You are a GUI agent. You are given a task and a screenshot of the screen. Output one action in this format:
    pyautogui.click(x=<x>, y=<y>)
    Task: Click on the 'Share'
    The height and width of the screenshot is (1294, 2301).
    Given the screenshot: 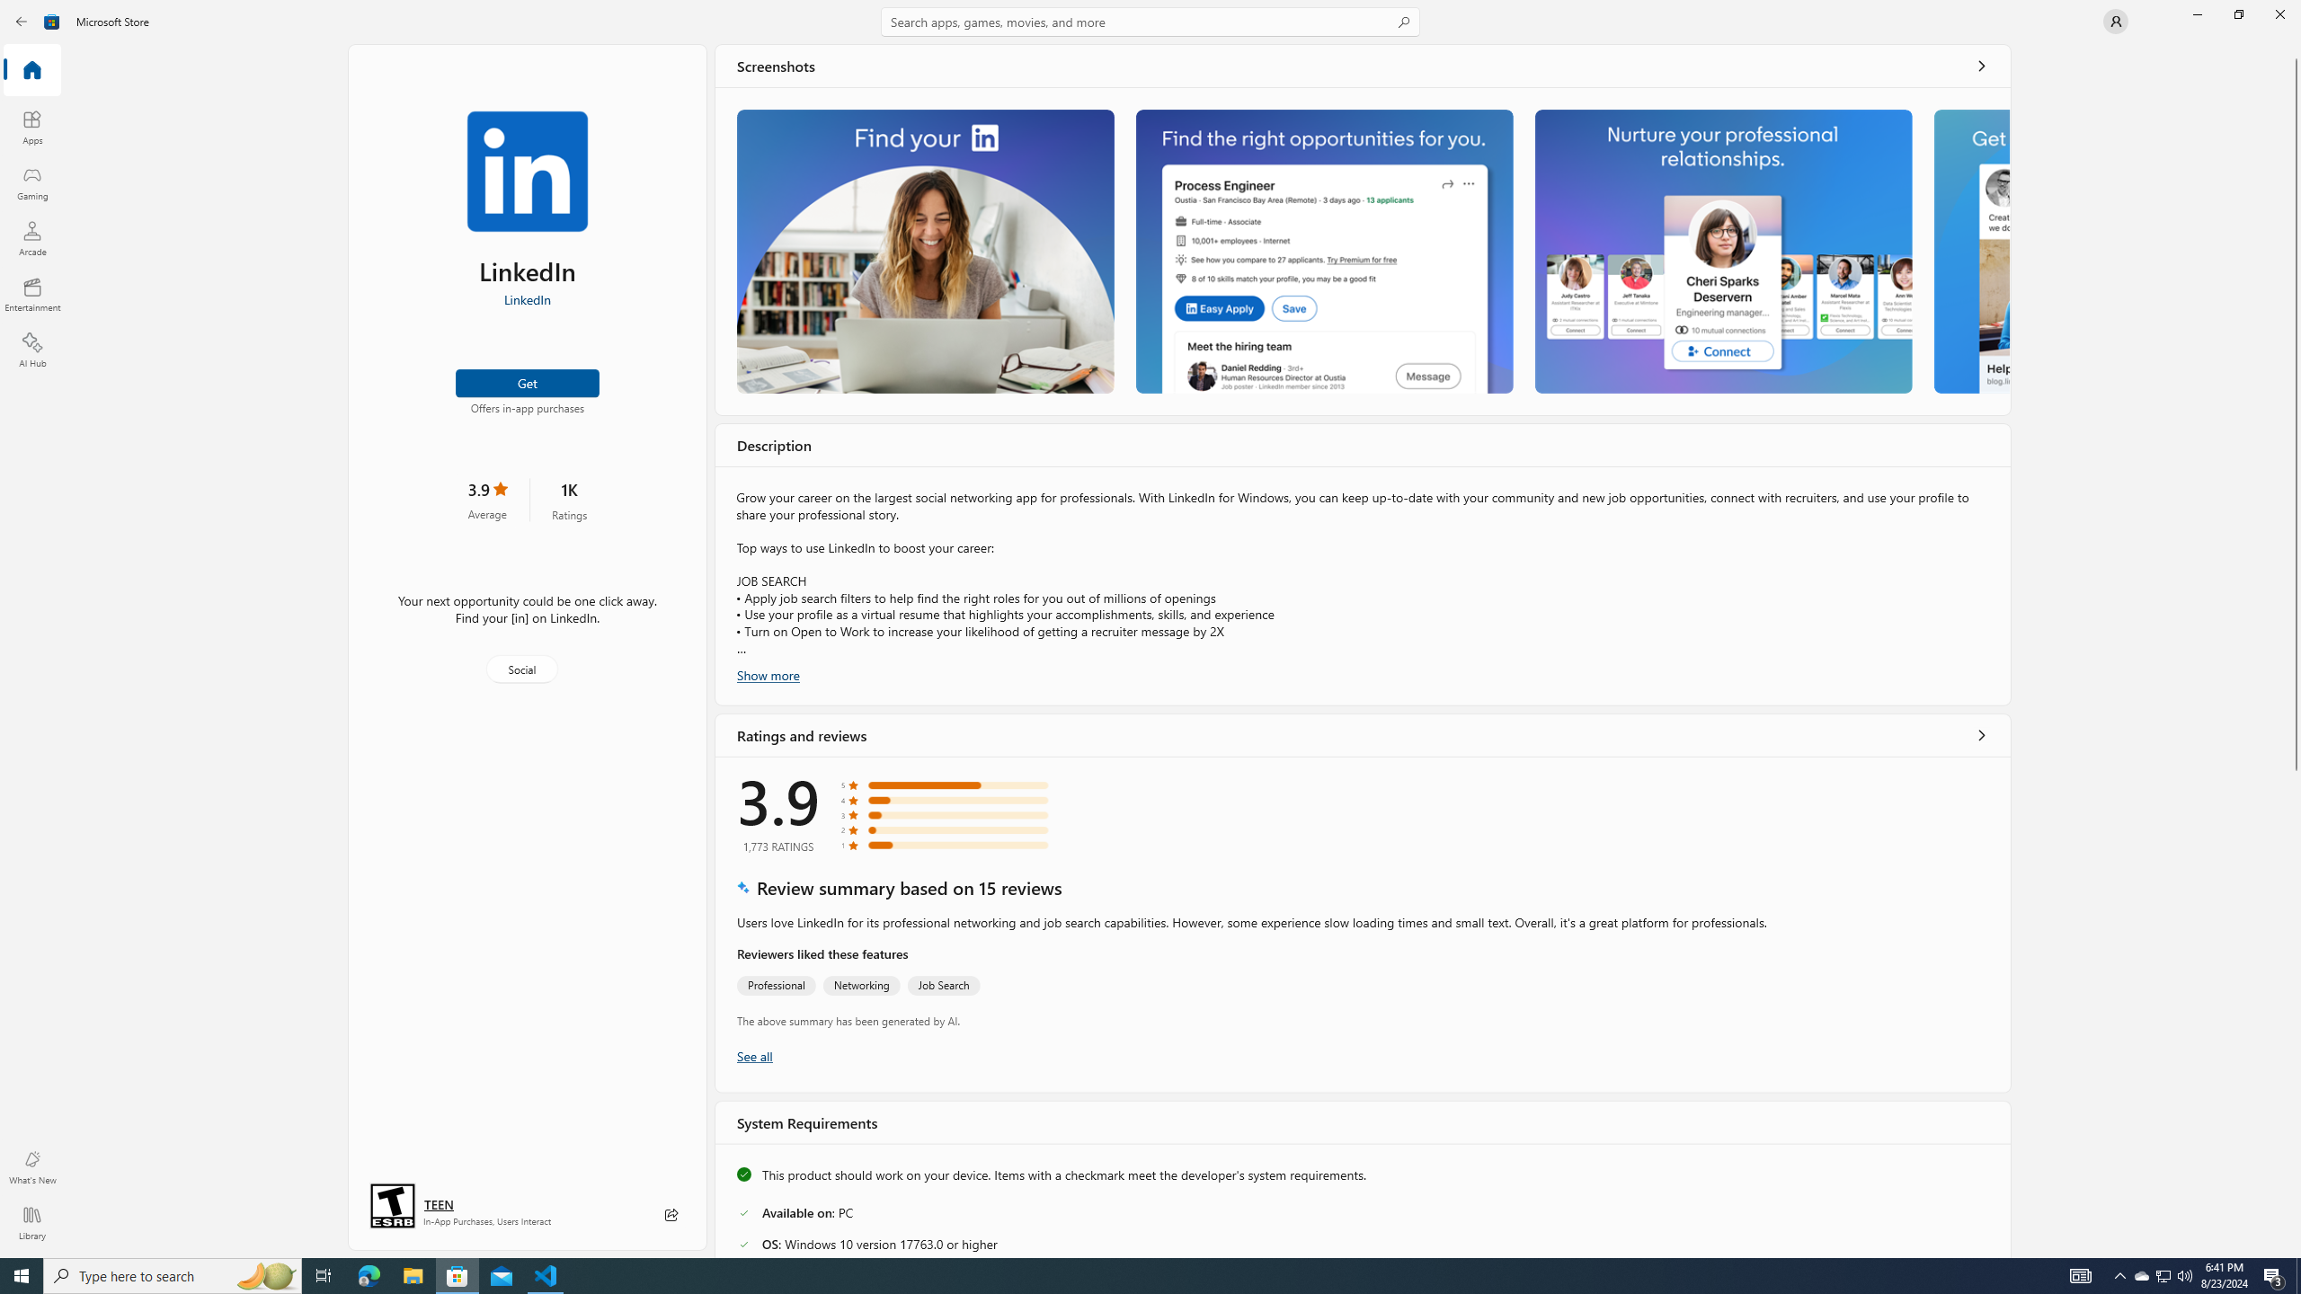 What is the action you would take?
    pyautogui.click(x=671, y=1214)
    